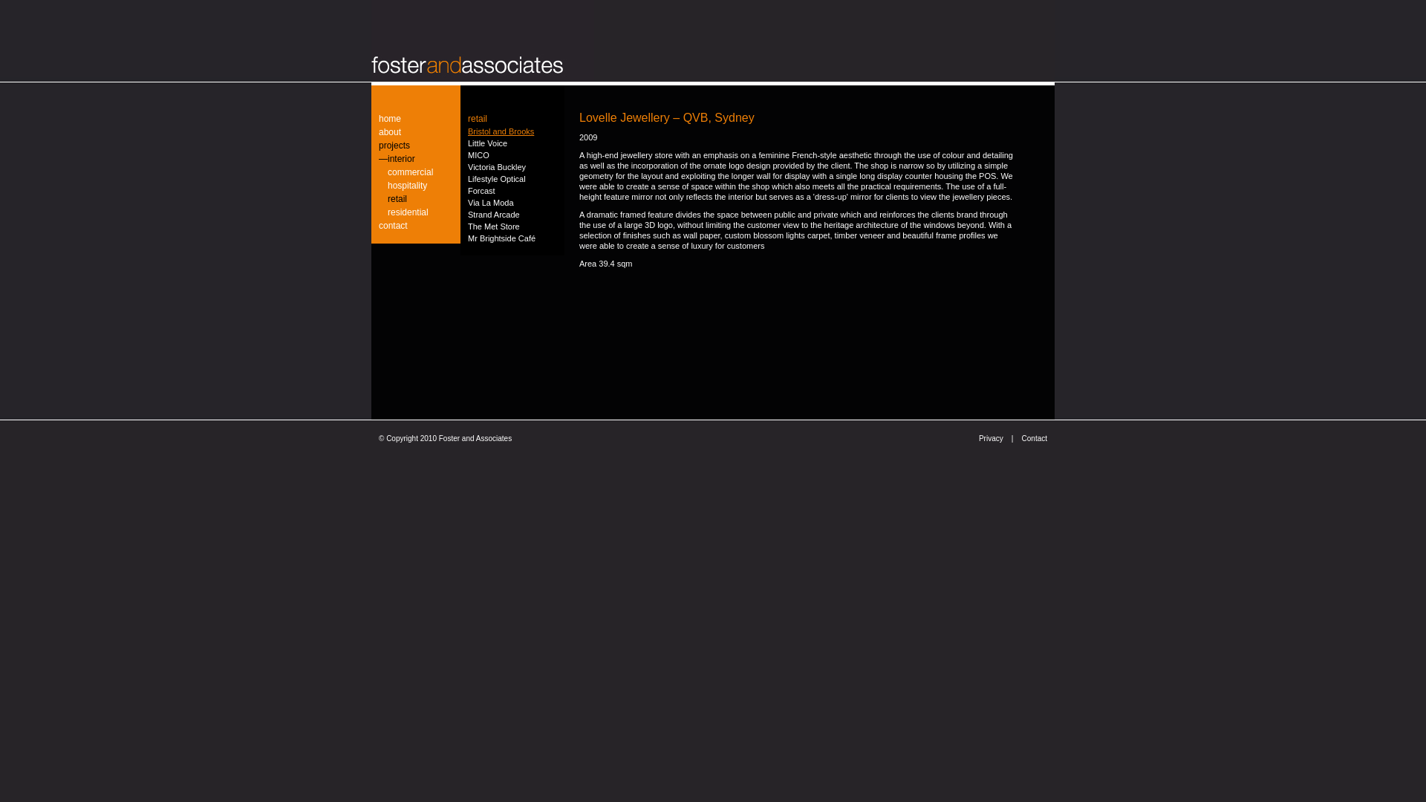 The width and height of the screenshot is (1426, 802). I want to click on 'Strand Arcade', so click(512, 215).